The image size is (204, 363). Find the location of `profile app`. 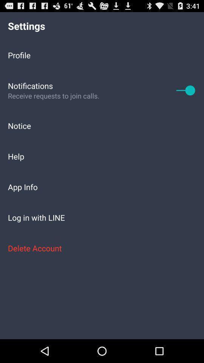

profile app is located at coordinates (102, 54).